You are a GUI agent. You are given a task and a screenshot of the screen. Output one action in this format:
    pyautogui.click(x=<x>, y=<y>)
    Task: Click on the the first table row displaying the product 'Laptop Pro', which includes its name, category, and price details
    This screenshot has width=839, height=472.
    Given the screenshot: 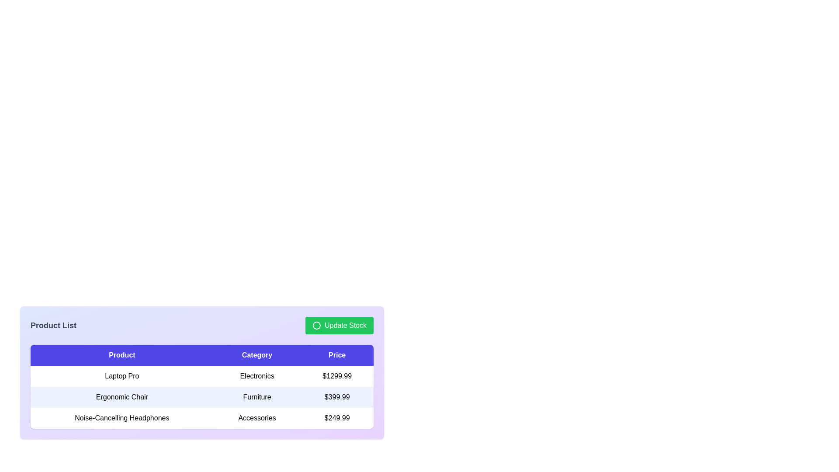 What is the action you would take?
    pyautogui.click(x=201, y=375)
    